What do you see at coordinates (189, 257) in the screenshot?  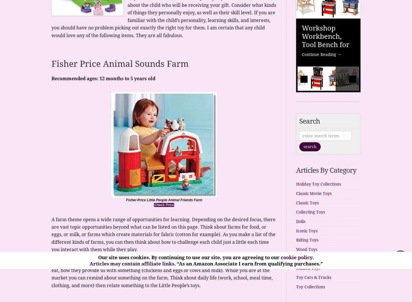 I see `'Our site uses cookies. By continuing to use our site, you are agreeing to our'` at bounding box center [189, 257].